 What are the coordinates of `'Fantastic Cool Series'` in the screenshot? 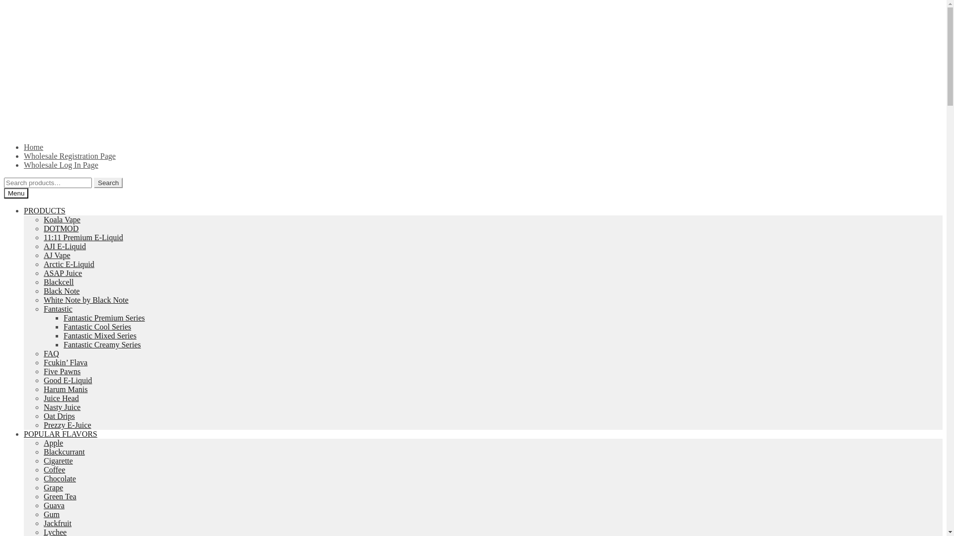 It's located at (97, 327).